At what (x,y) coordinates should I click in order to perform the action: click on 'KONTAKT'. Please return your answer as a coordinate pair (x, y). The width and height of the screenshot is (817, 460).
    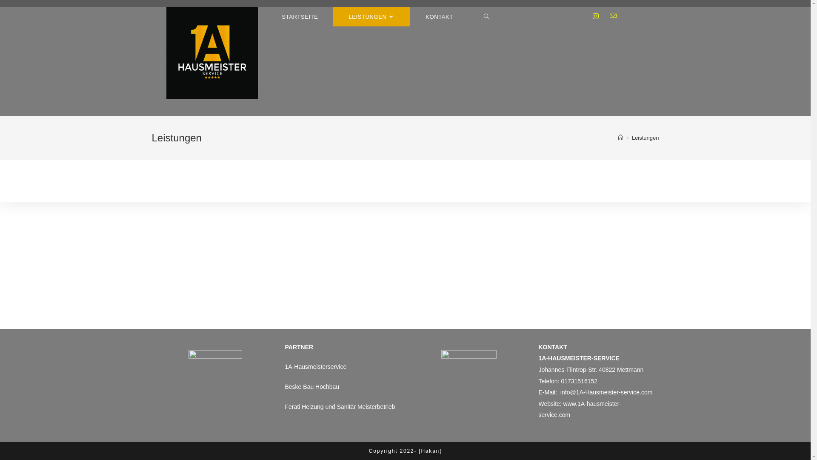
    Looking at the image, I should click on (439, 17).